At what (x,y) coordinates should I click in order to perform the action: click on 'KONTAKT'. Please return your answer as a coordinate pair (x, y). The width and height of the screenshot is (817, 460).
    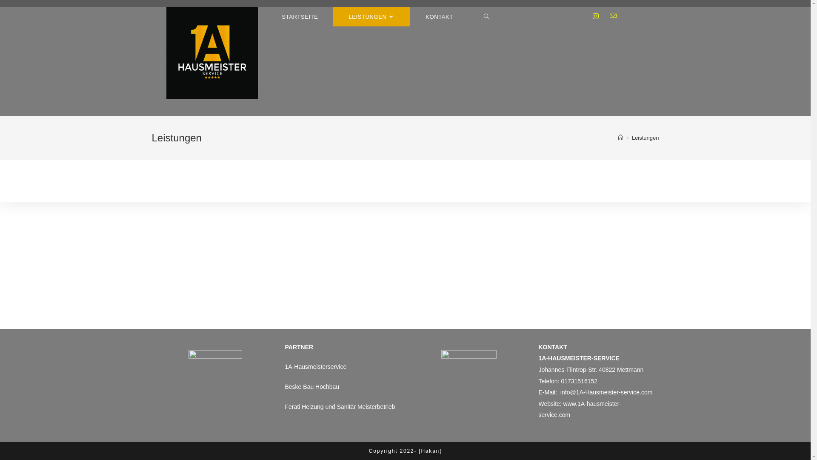
    Looking at the image, I should click on (439, 17).